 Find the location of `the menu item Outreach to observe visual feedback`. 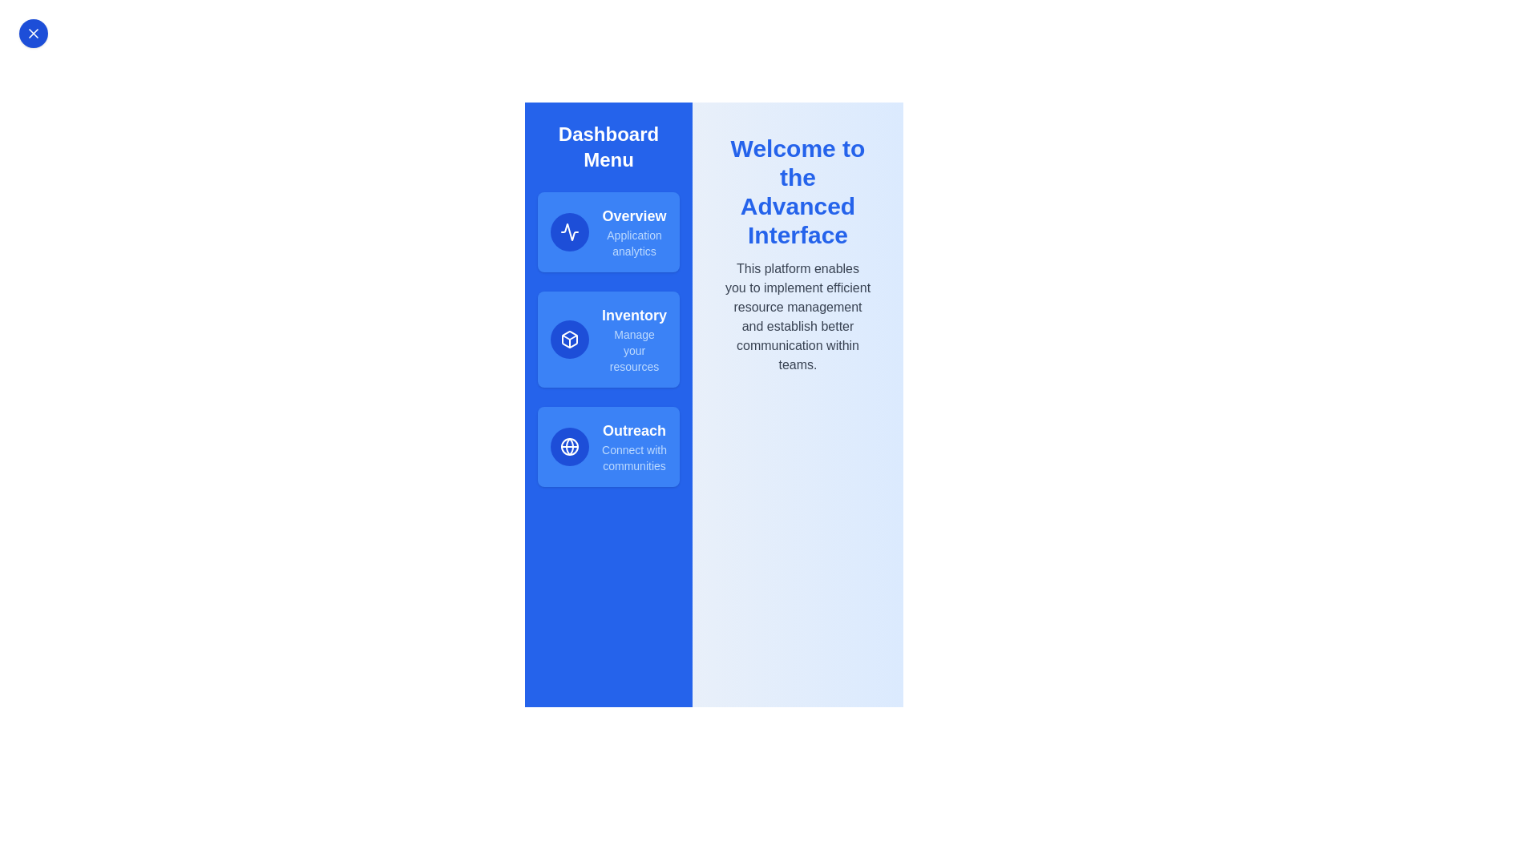

the menu item Outreach to observe visual feedback is located at coordinates (608, 447).